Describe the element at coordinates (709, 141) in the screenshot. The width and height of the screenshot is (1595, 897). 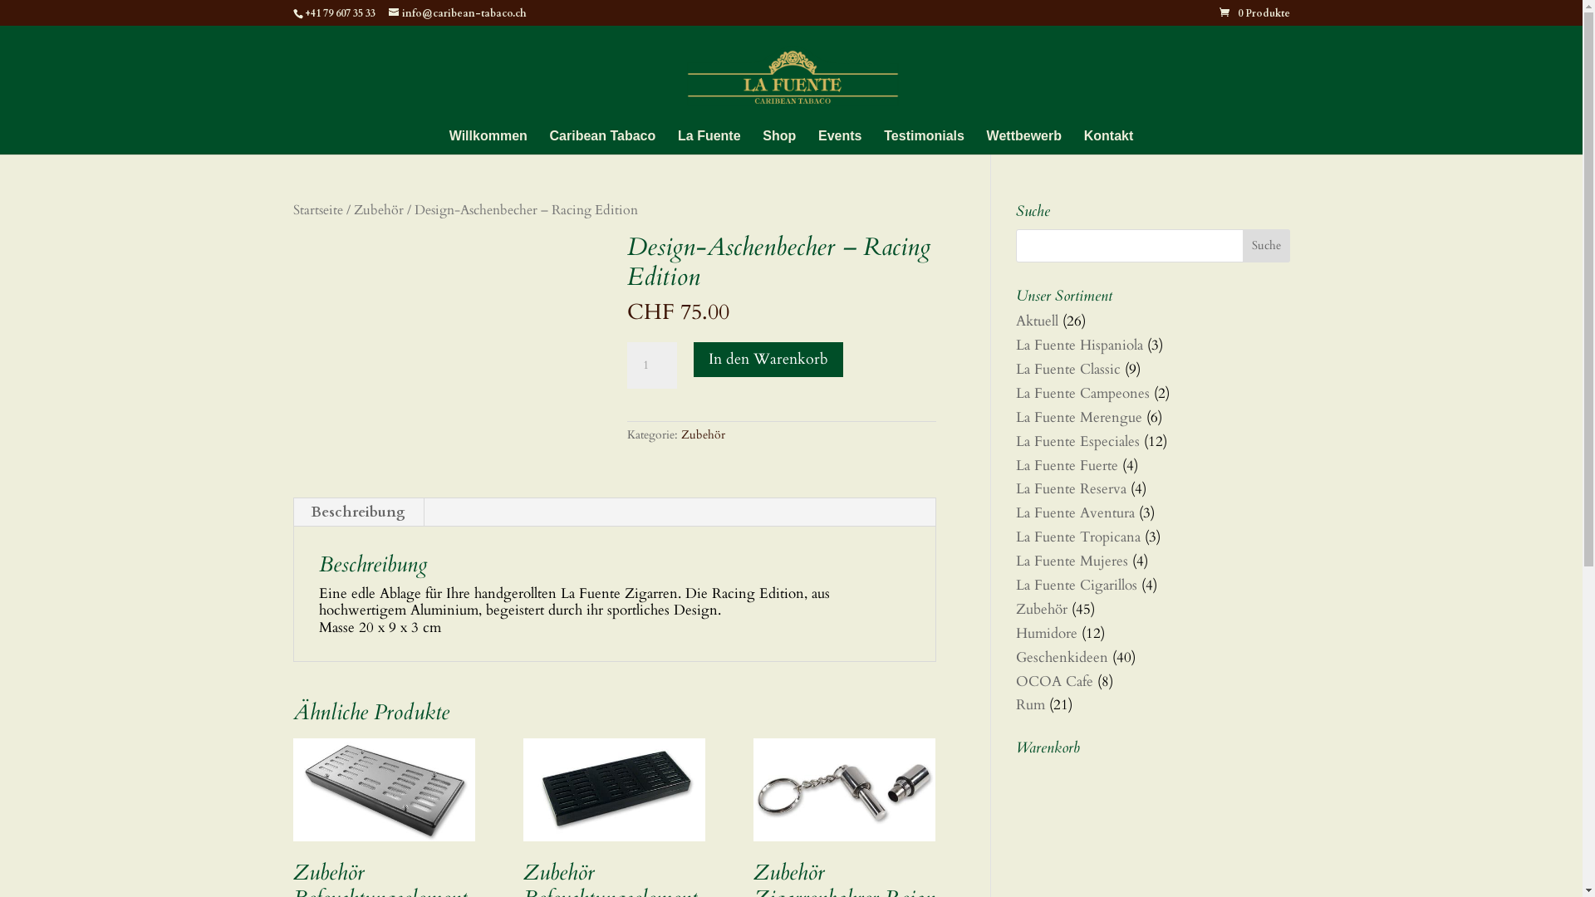
I see `'La Fuente'` at that location.